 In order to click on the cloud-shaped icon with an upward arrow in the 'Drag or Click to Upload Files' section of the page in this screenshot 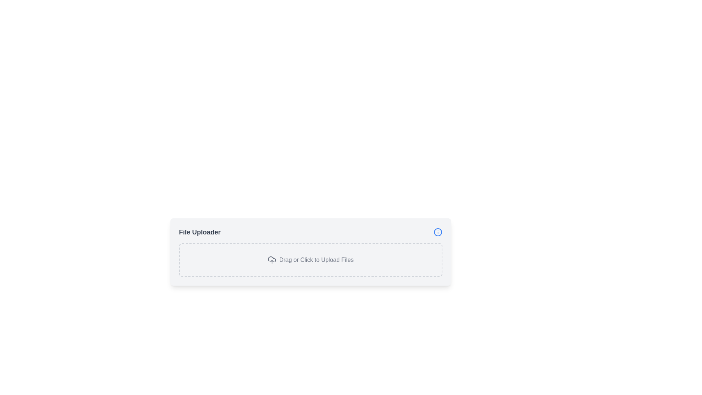, I will do `click(271, 259)`.